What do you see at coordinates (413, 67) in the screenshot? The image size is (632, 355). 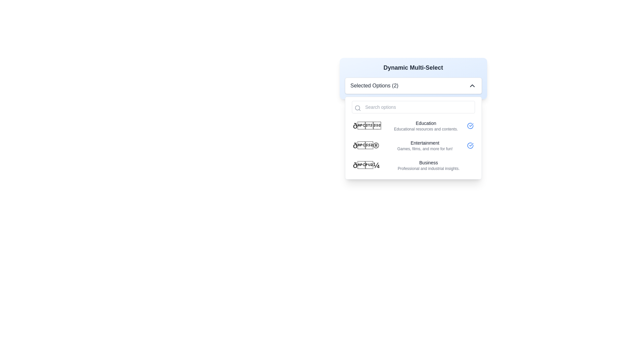 I see `the text label styled with a large, bold font reading 'Dynamic Multi-Select', positioned above the dropdown menu labeled 'Selected Options (2)'` at bounding box center [413, 67].